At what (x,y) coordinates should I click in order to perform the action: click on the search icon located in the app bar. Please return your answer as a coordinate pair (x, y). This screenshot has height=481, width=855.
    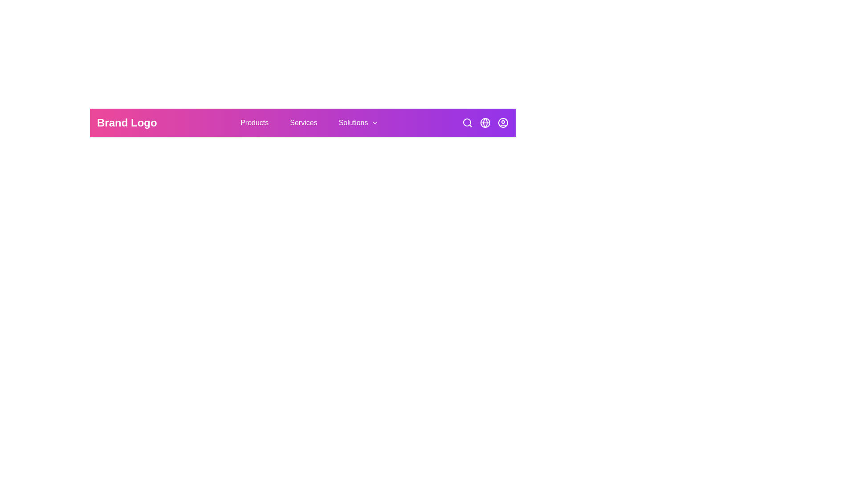
    Looking at the image, I should click on (467, 123).